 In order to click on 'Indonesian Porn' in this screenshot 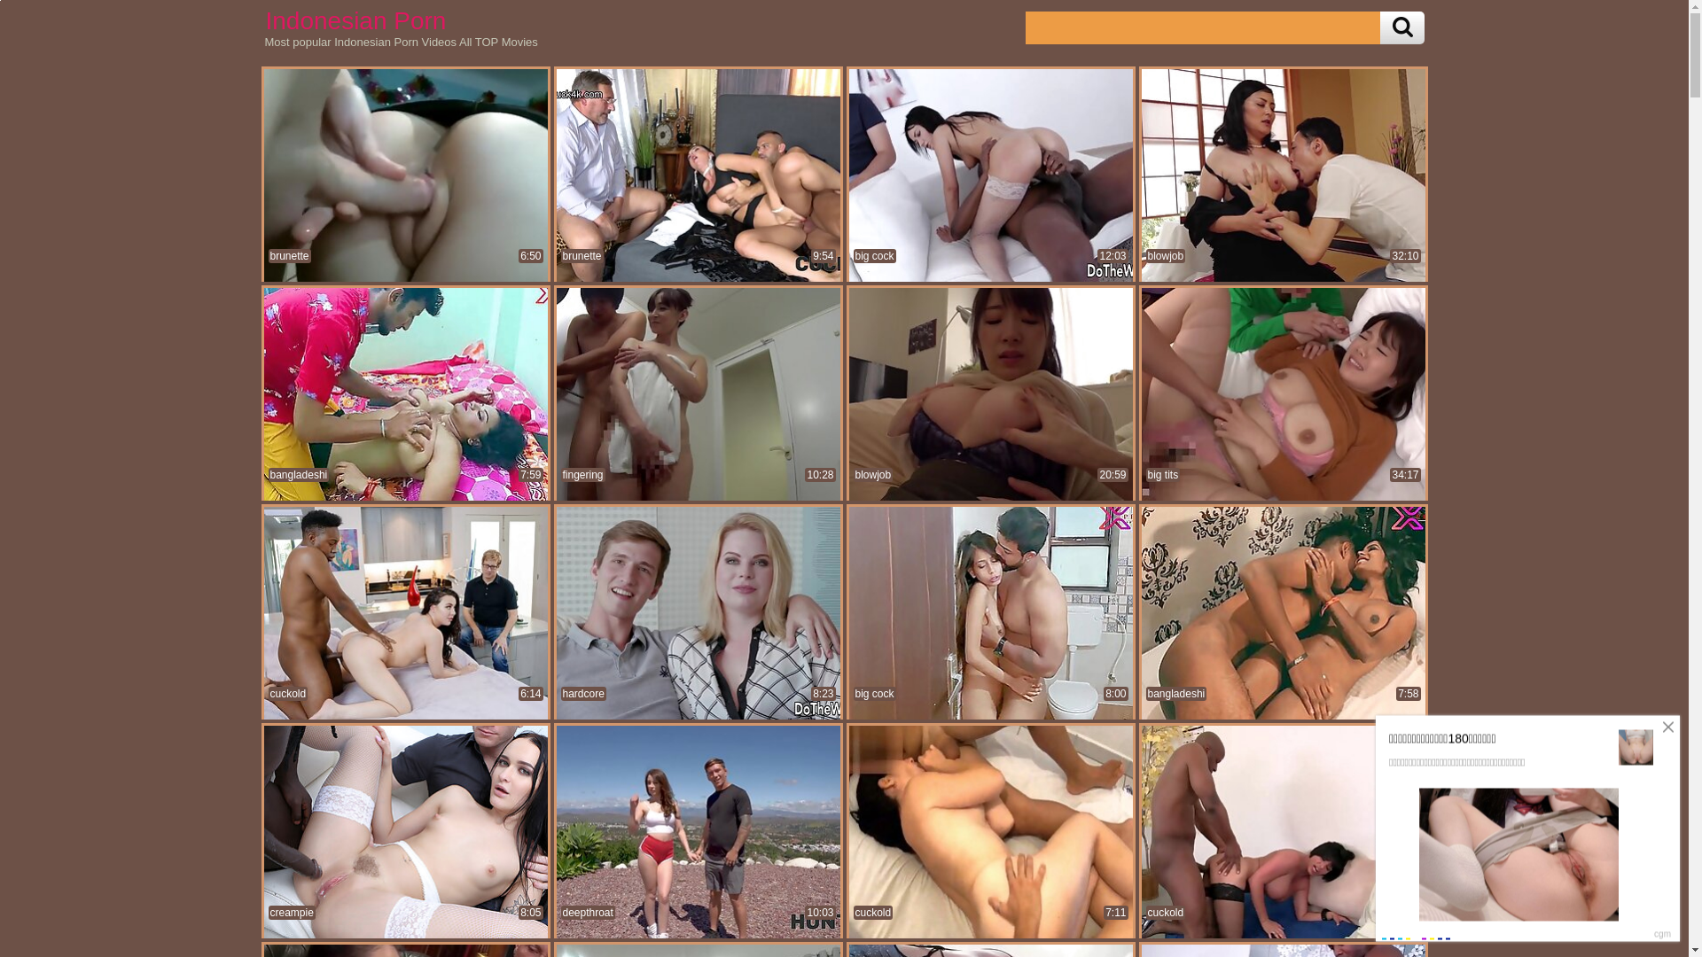, I will do `click(262, 20)`.